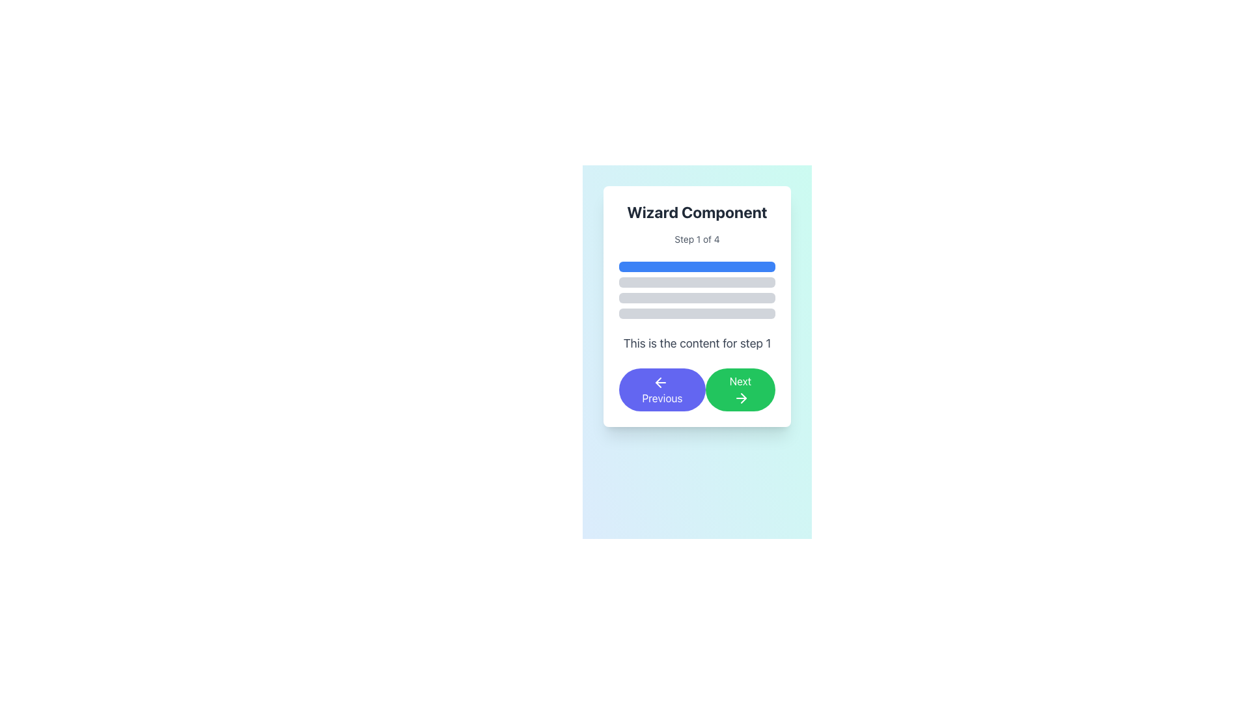 The width and height of the screenshot is (1250, 703). I want to click on the arrow icon embedded inside the 'Previous' button, which is located at the bottom of the card layout and indicates navigation to the previous step, so click(658, 381).